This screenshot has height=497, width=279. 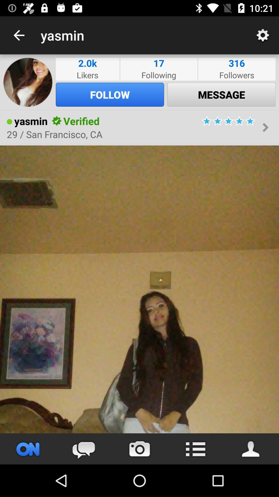 I want to click on the chat icon, so click(x=83, y=449).